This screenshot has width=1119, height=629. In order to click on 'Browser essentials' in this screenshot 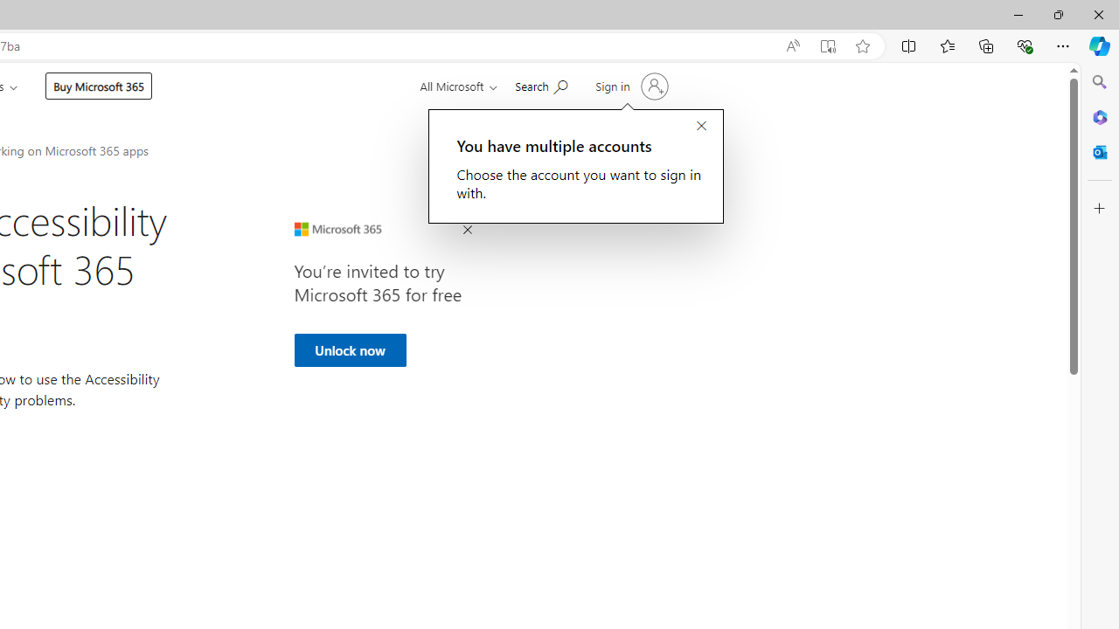, I will do `click(1024, 45)`.